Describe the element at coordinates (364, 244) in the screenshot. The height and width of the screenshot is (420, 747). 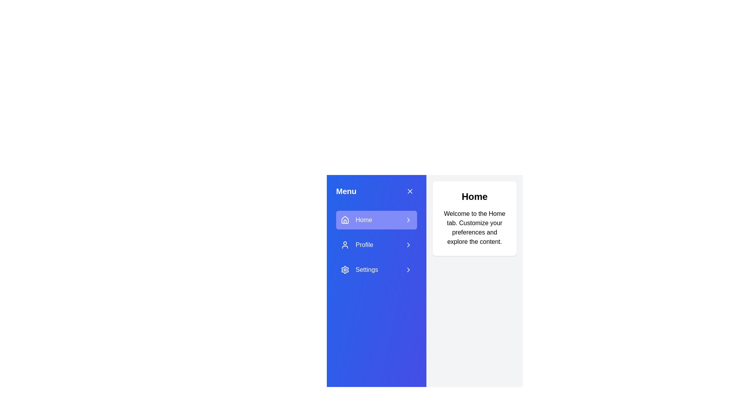
I see `the 'Profile' menu item in the navigation menu` at that location.